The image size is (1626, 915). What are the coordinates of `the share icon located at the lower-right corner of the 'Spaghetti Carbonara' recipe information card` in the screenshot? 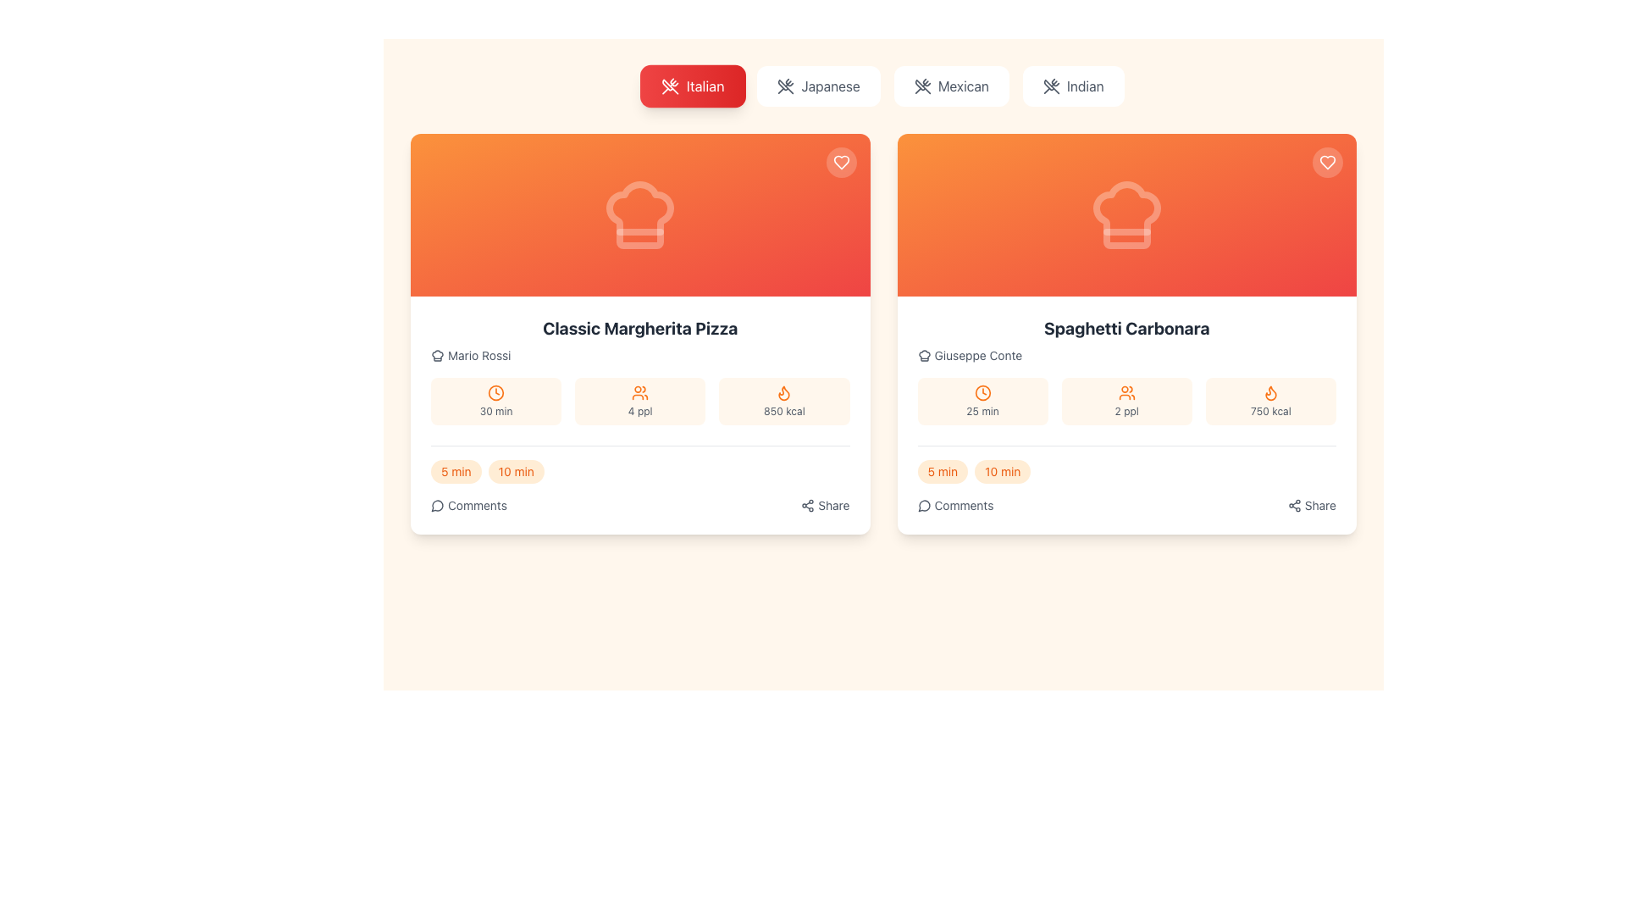 It's located at (1293, 505).